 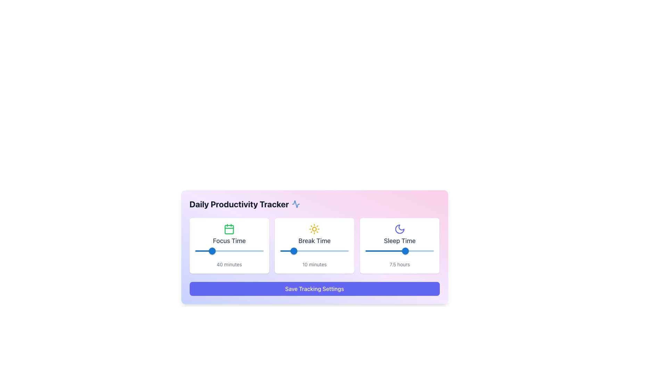 I want to click on the focus time, so click(x=225, y=251).